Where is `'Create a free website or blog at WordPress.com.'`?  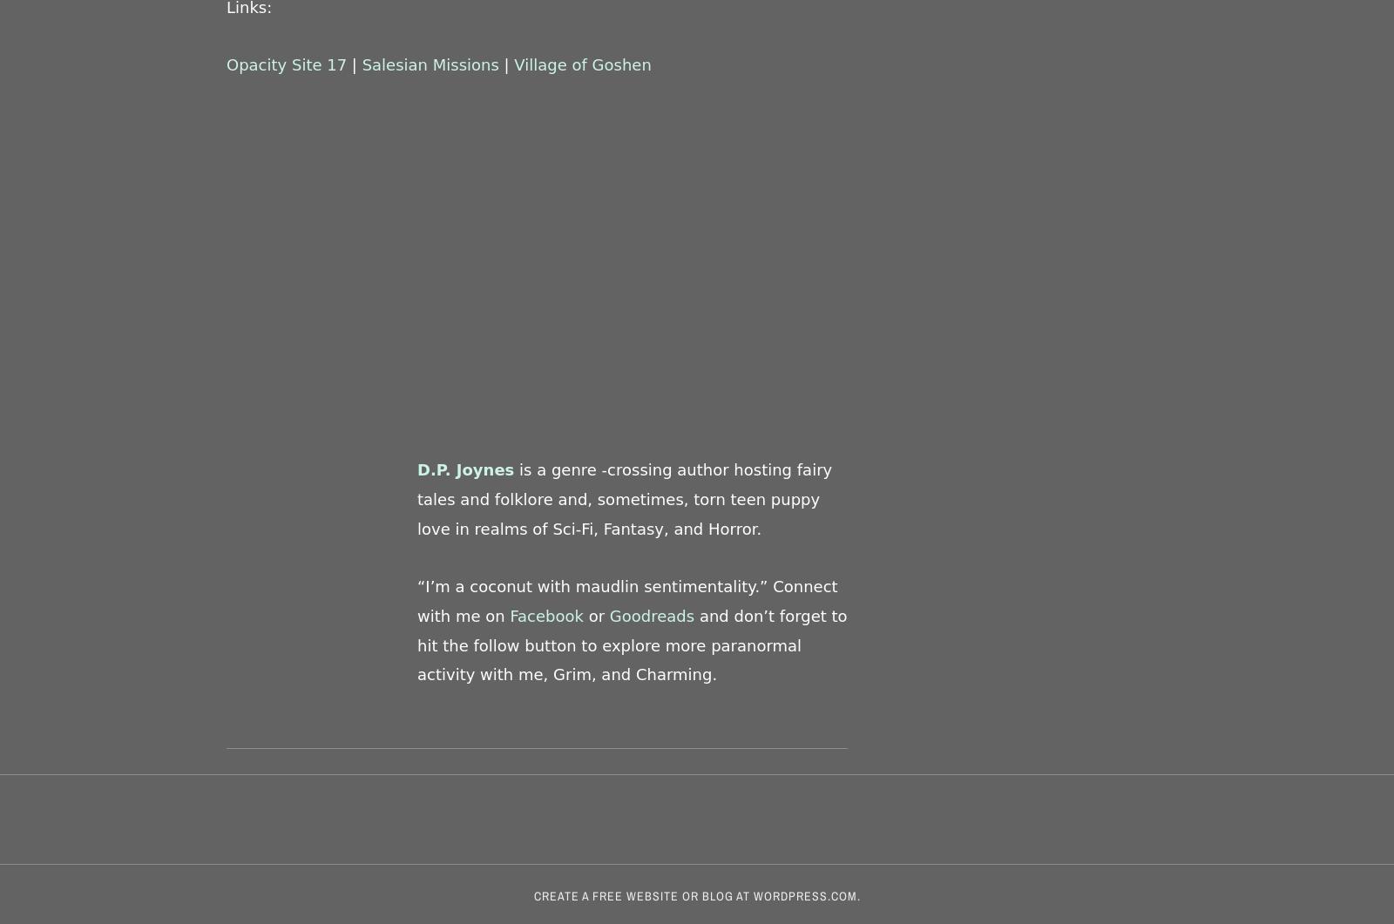 'Create a free website or blog at WordPress.com.' is located at coordinates (696, 894).